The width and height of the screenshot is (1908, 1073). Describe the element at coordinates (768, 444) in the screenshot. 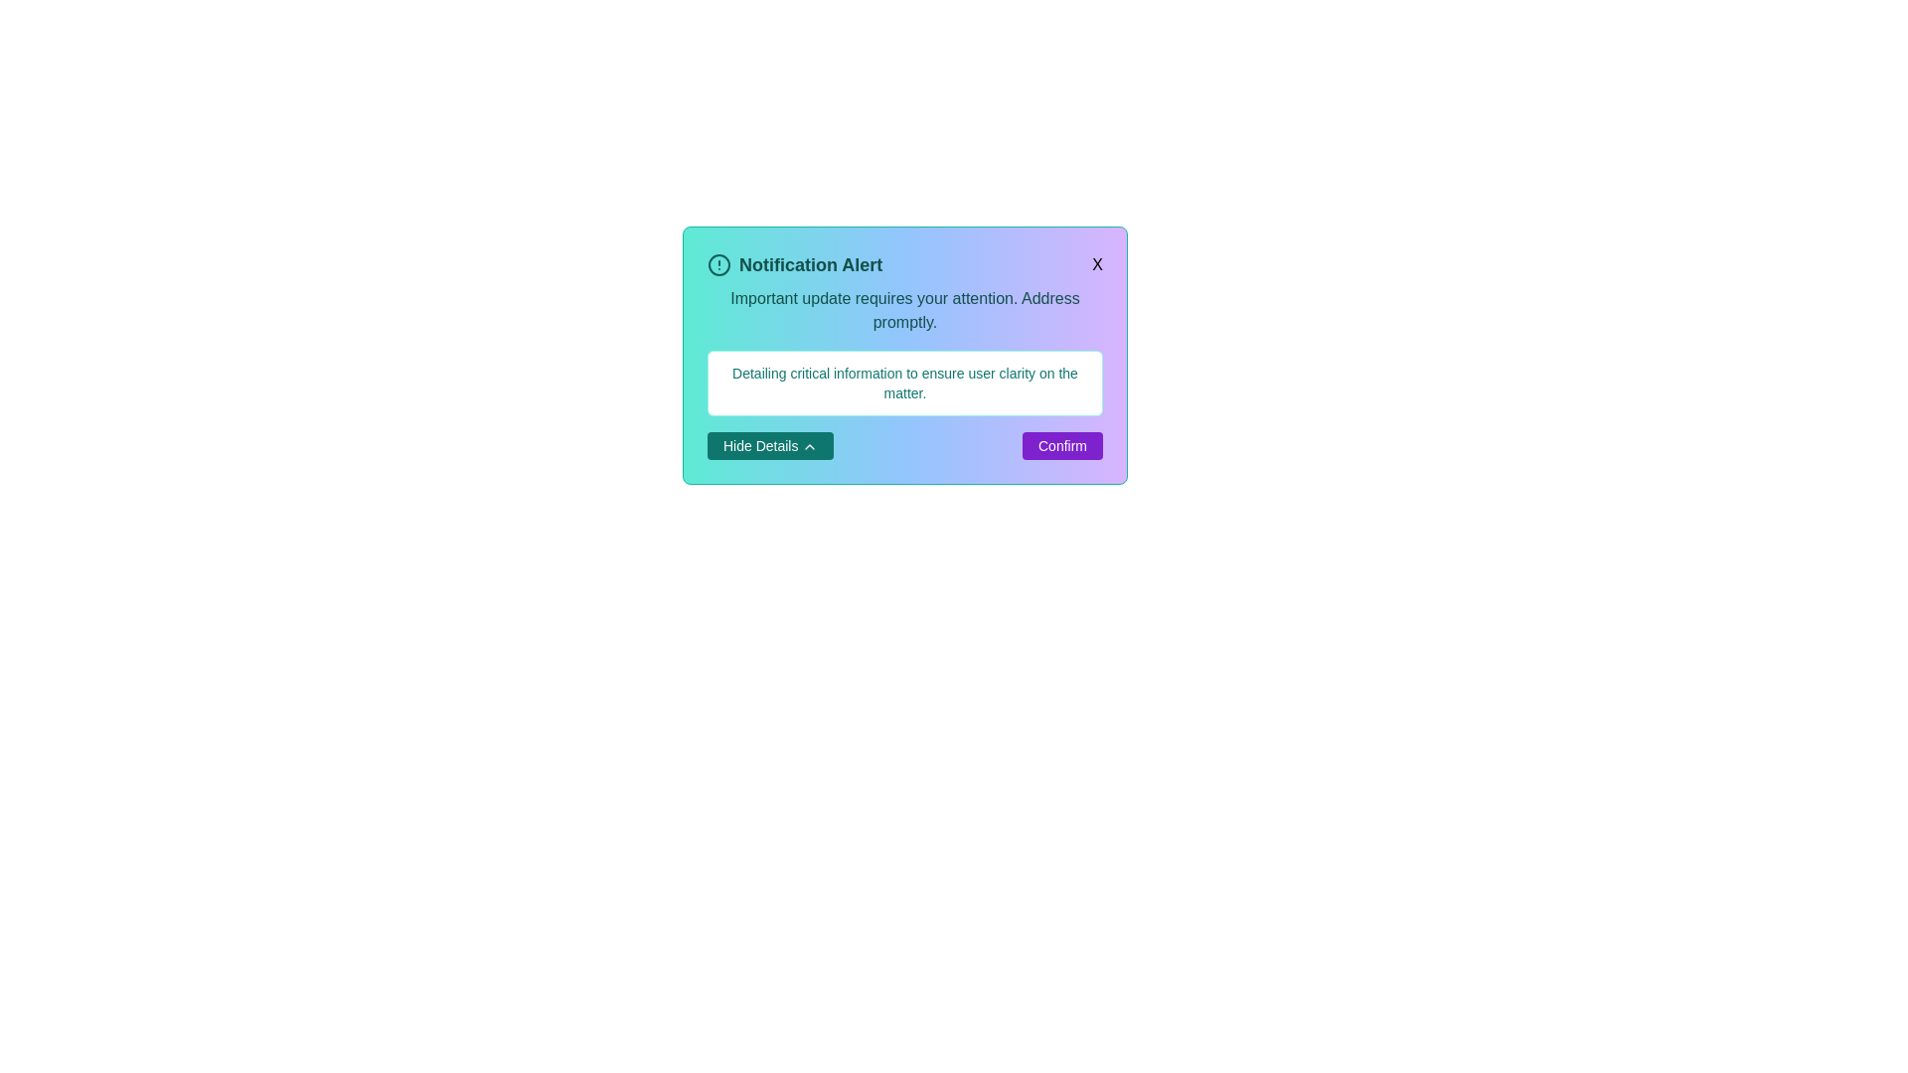

I see `the 'Hide Details' button to toggle the visibility of the details section` at that location.